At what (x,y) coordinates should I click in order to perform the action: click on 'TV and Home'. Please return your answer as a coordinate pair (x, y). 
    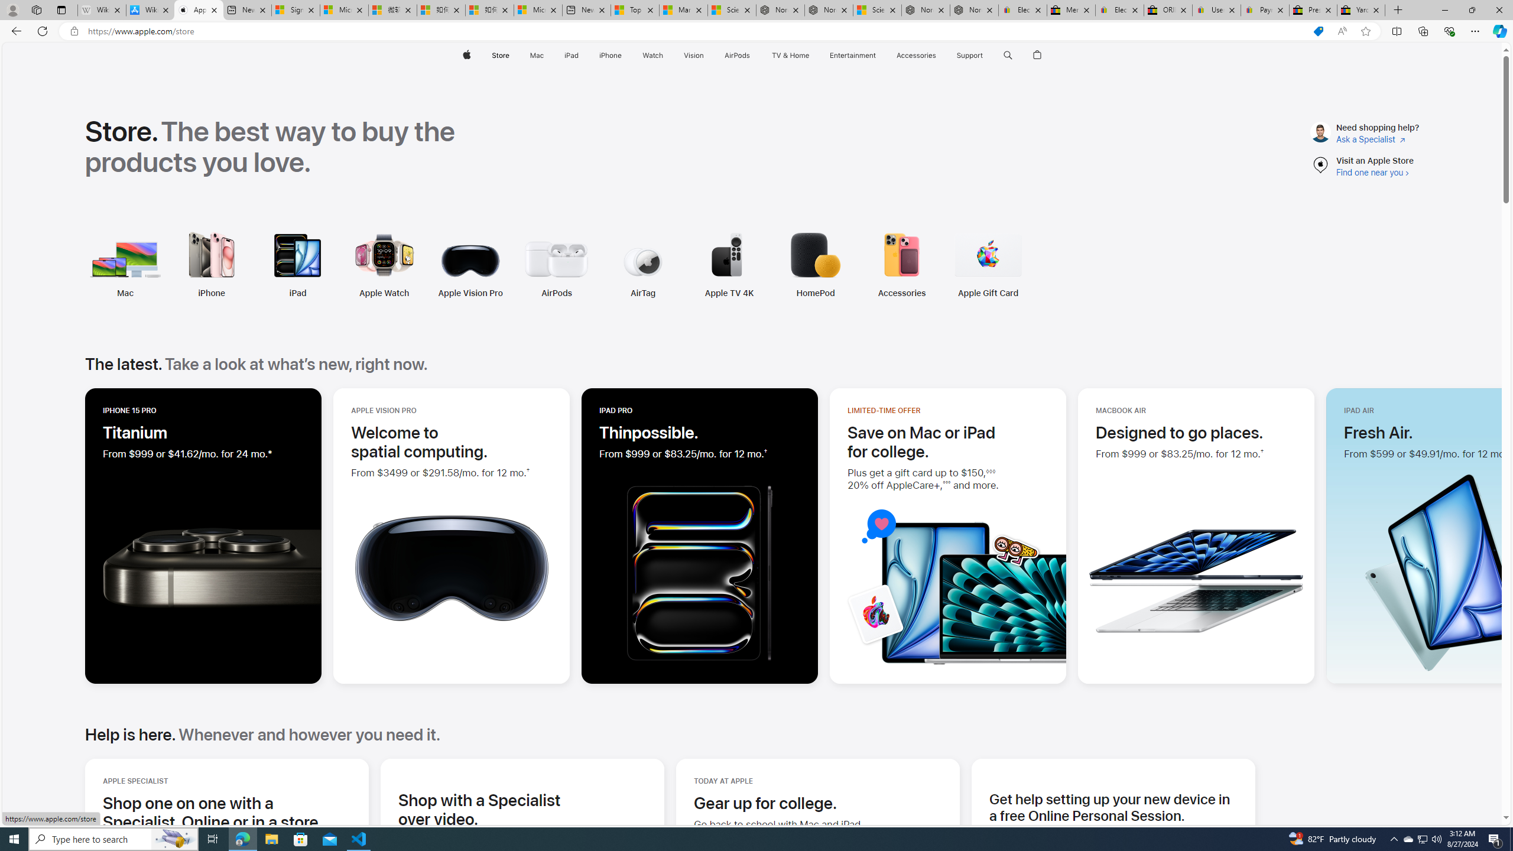
    Looking at the image, I should click on (790, 55).